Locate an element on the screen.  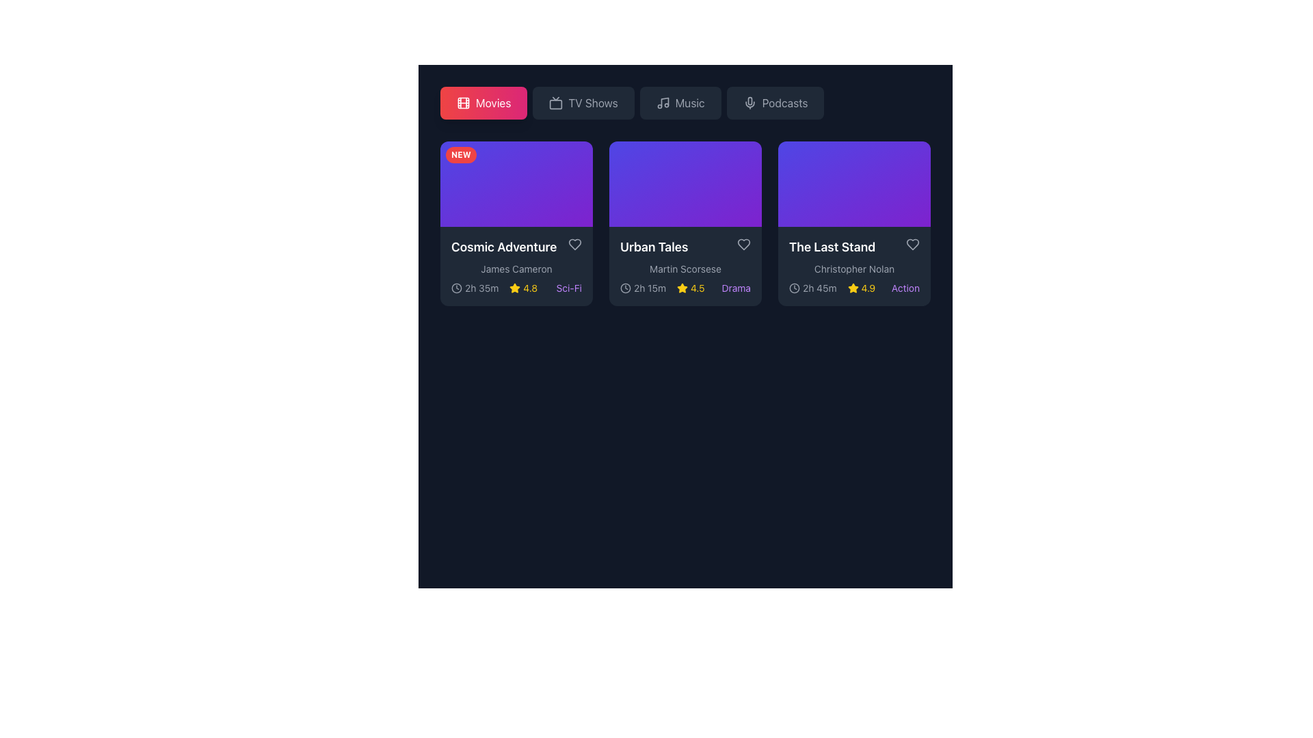
the first button in the top navigation bar that is related to movies for keyboard interaction is located at coordinates (492, 102).